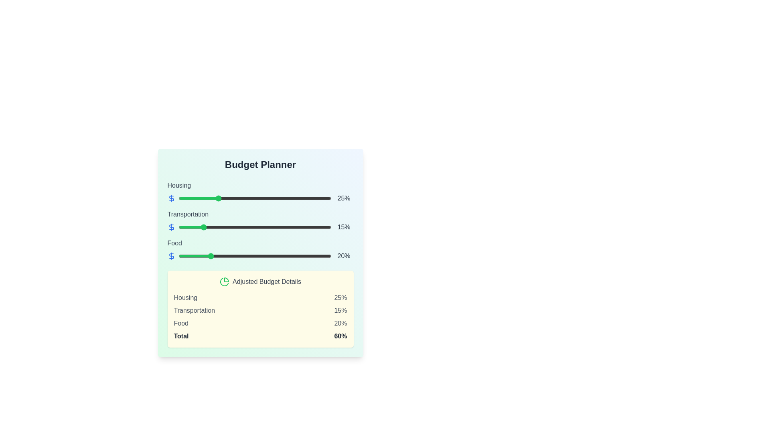 This screenshot has width=770, height=433. I want to click on the housing budget percentage, so click(218, 198).